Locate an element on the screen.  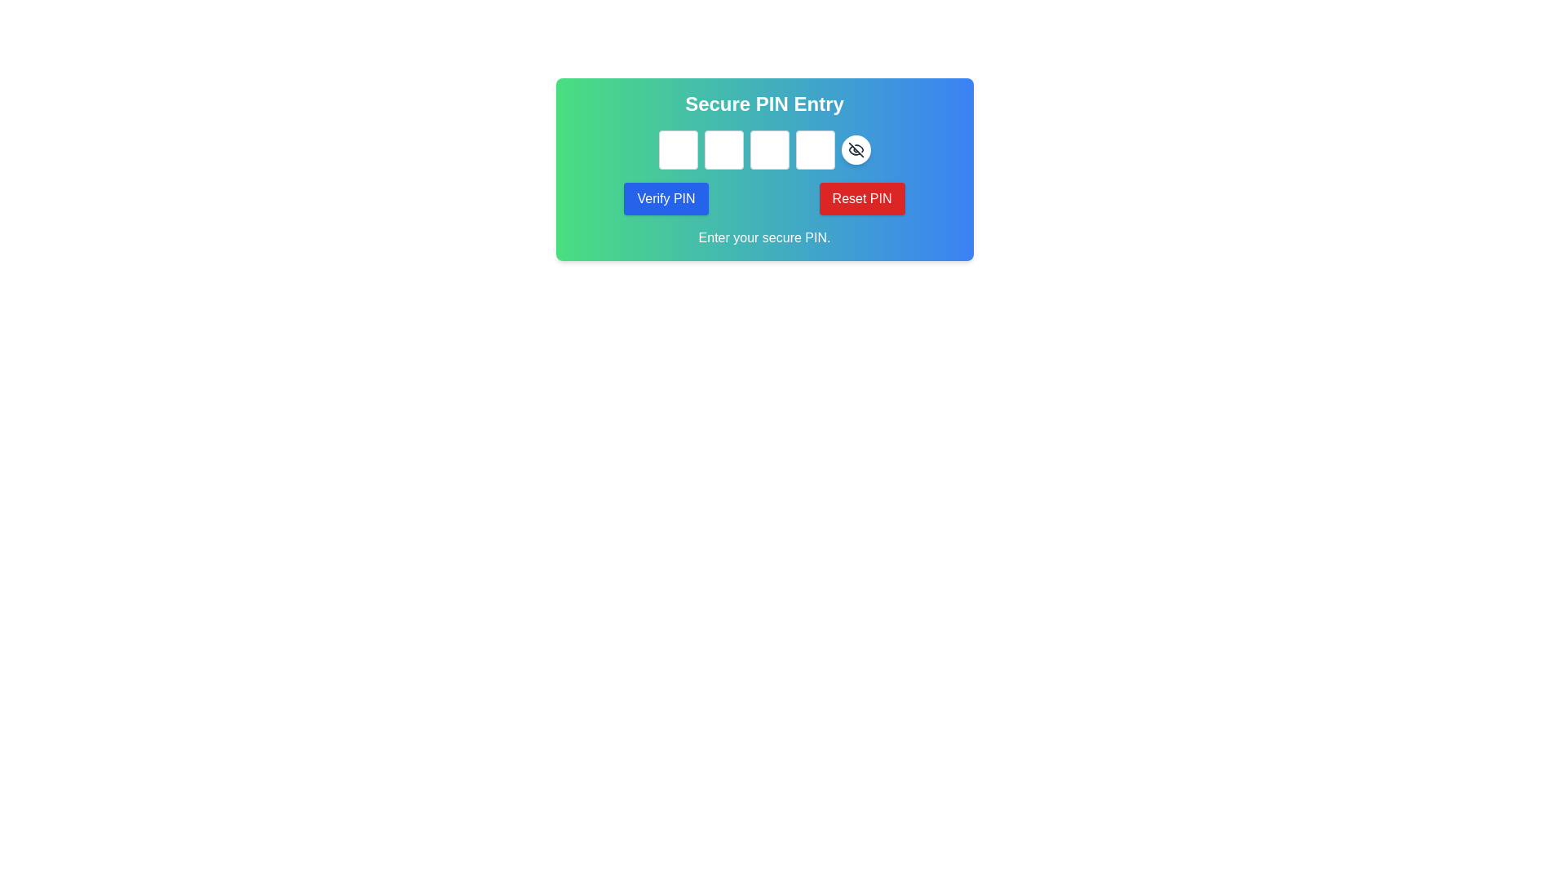
the rectangular panel with a gradient background labeled 'Secure PIN Entry' is located at coordinates (763, 170).